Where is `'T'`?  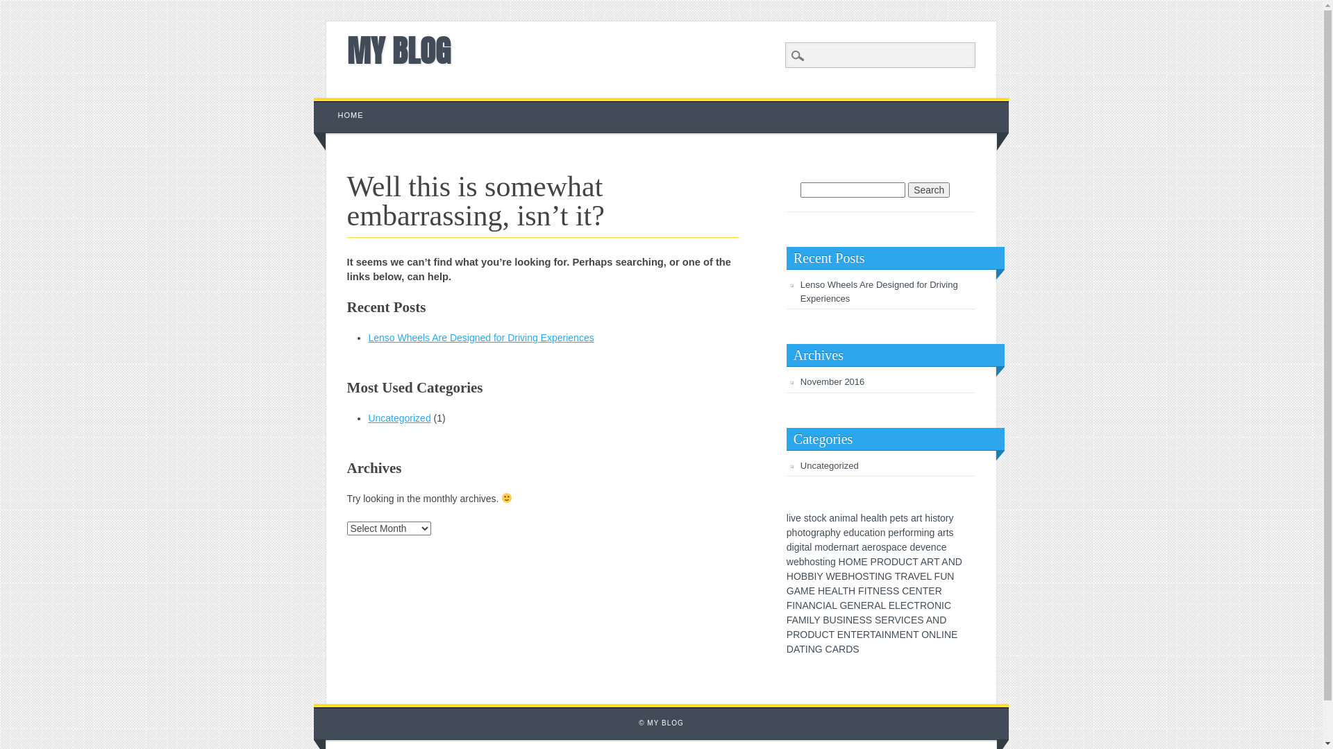
'T' is located at coordinates (916, 604).